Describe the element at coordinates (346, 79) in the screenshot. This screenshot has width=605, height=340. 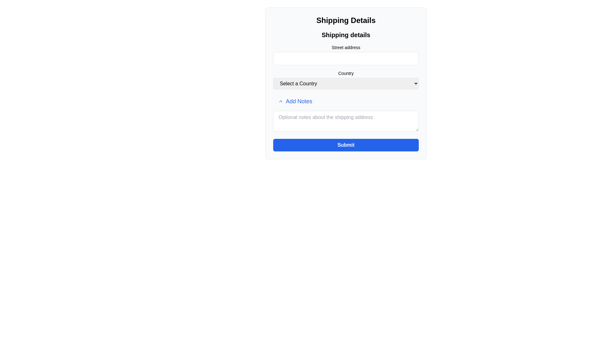
I see `an option from the 'Country' dropdown menu located below the 'Shipping details' header` at that location.